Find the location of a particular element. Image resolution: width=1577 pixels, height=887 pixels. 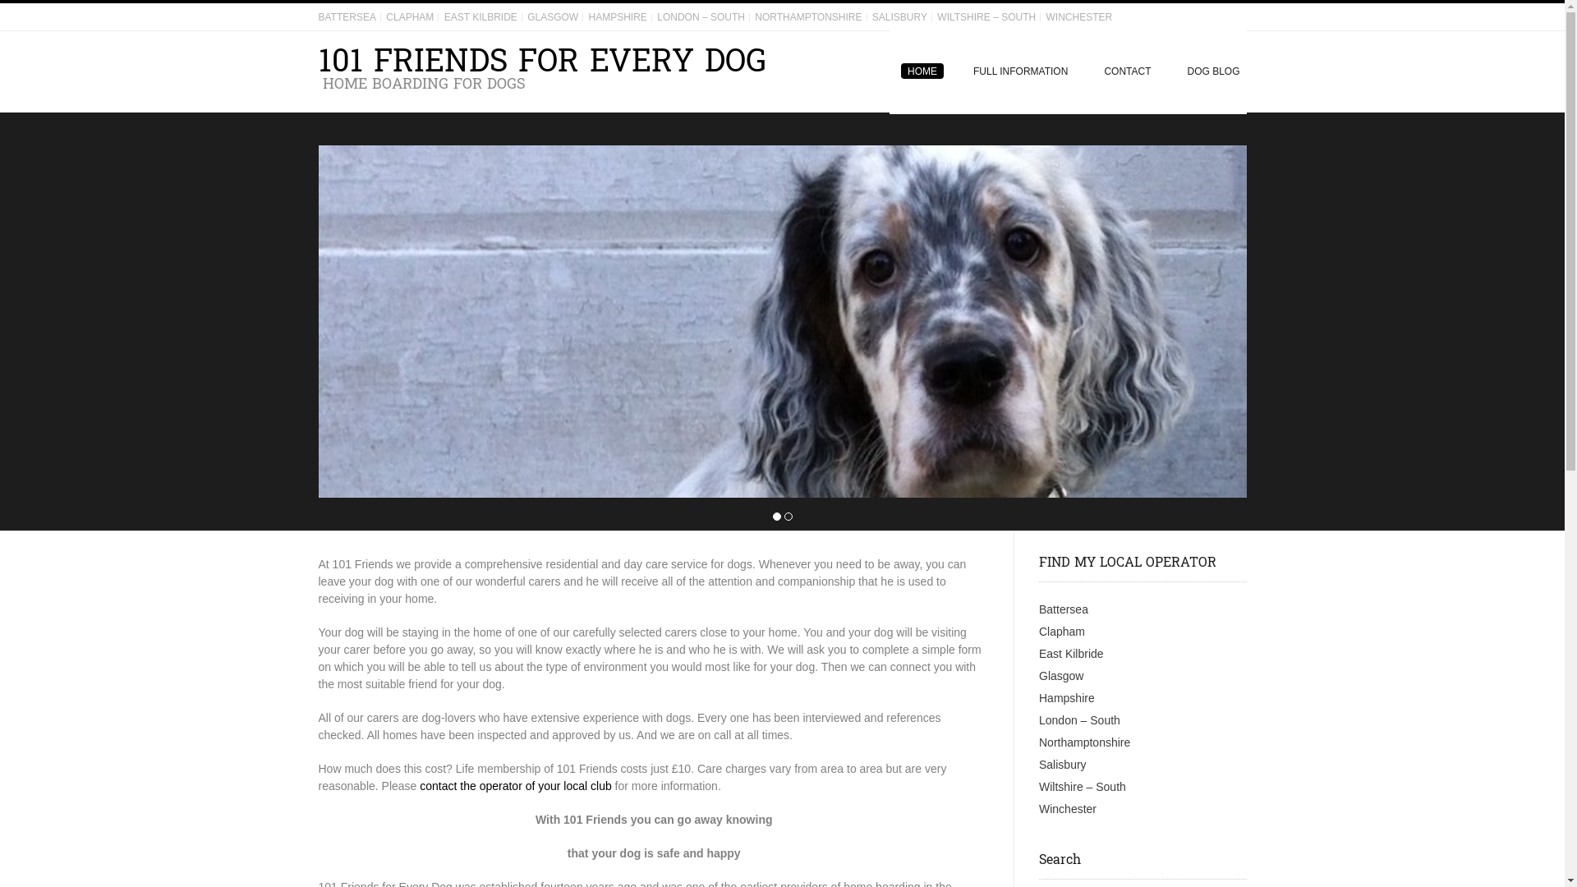

'1' is located at coordinates (775, 516).